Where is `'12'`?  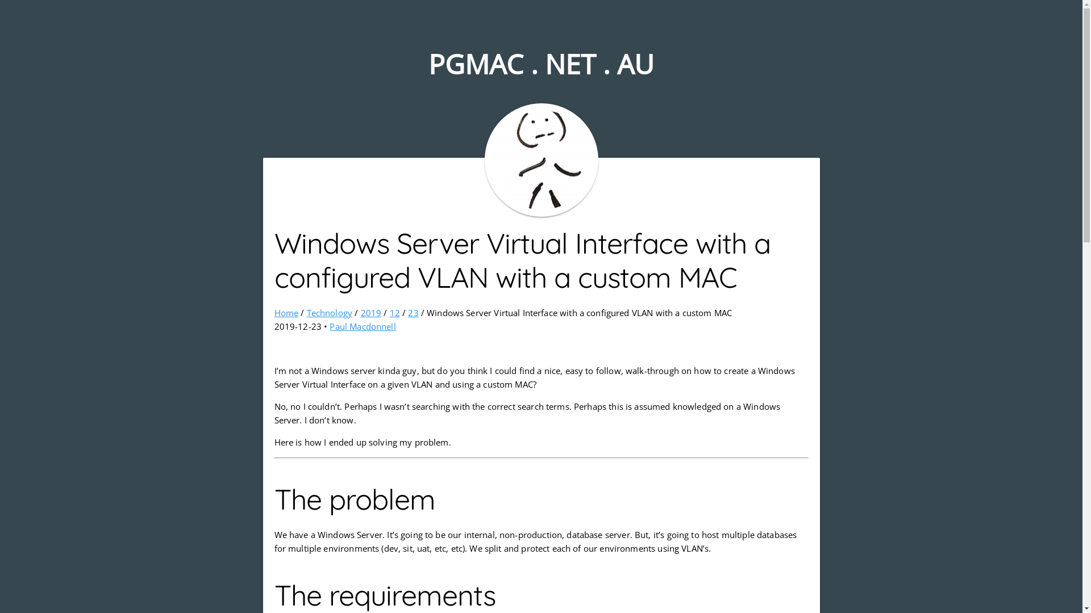 '12' is located at coordinates (390, 313).